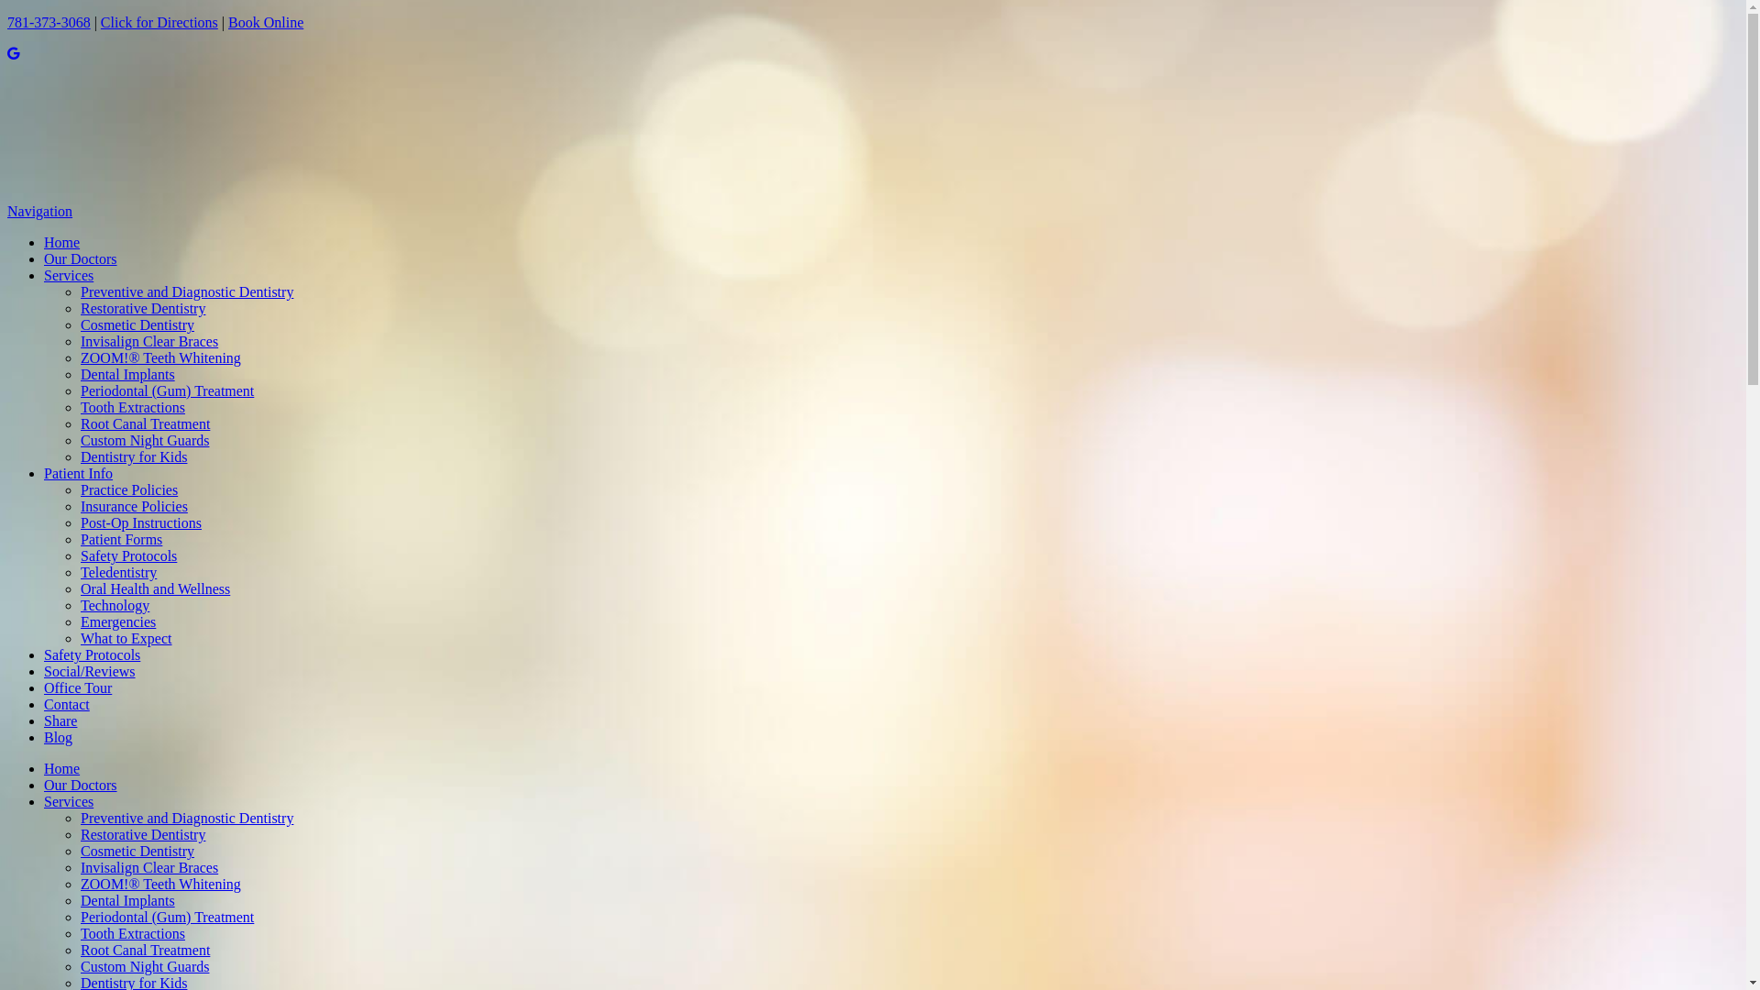 The image size is (1760, 990). Describe the element at coordinates (44, 801) in the screenshot. I see `'Services'` at that location.